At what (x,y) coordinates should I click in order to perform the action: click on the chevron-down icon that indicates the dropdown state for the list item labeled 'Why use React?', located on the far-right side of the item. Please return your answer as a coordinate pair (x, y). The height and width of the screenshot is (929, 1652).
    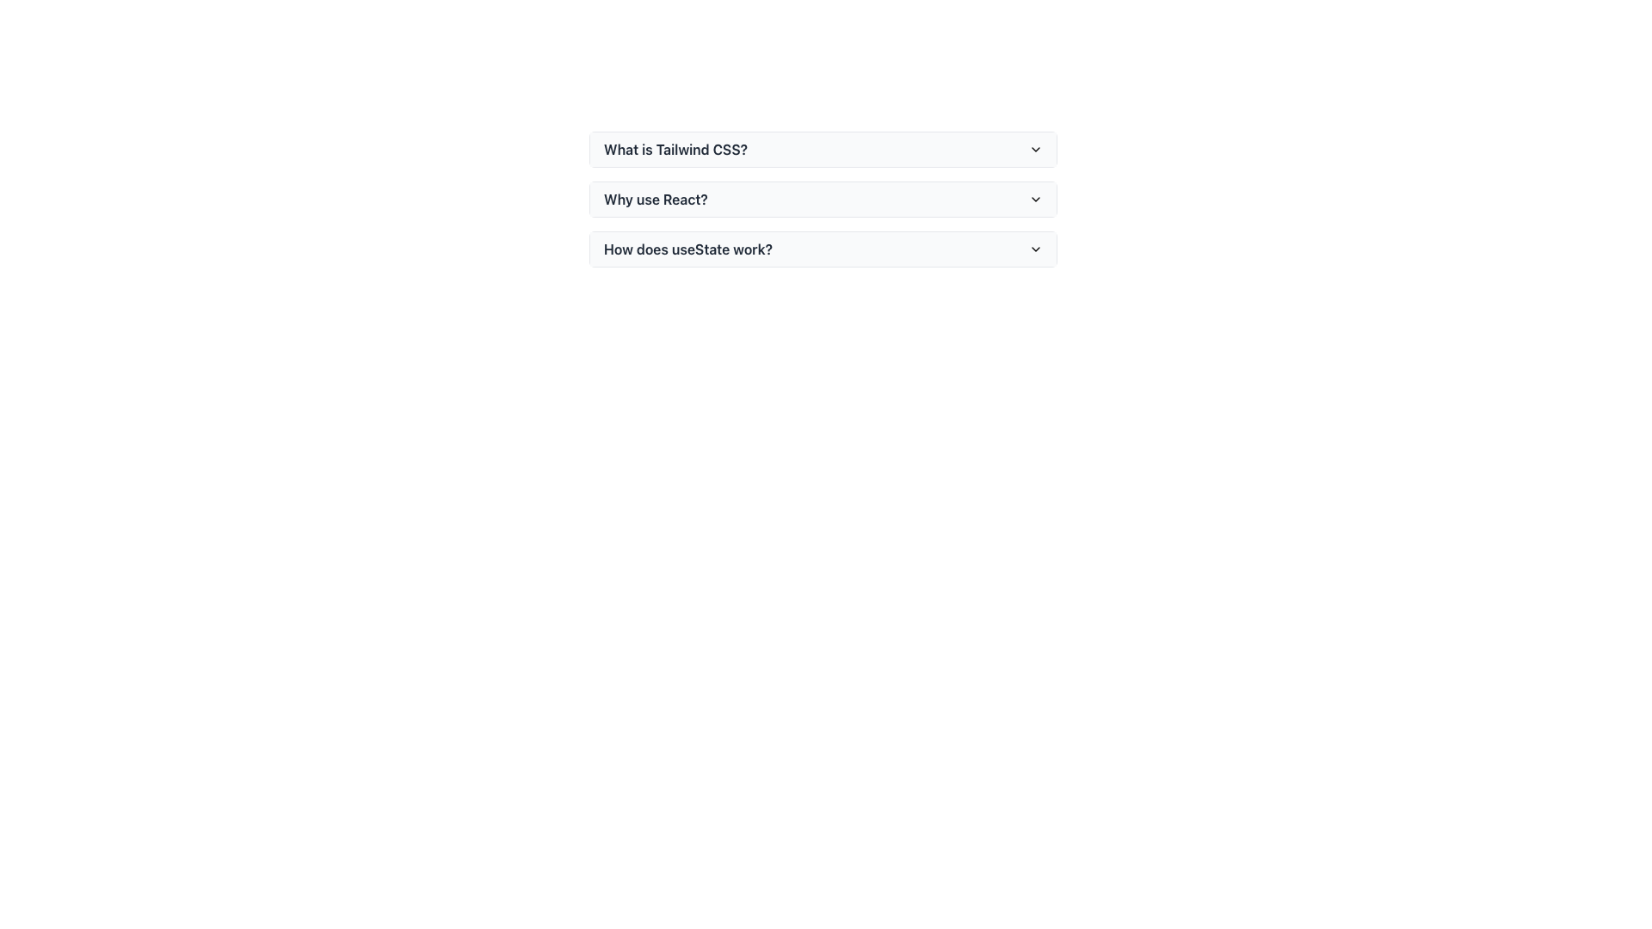
    Looking at the image, I should click on (1035, 198).